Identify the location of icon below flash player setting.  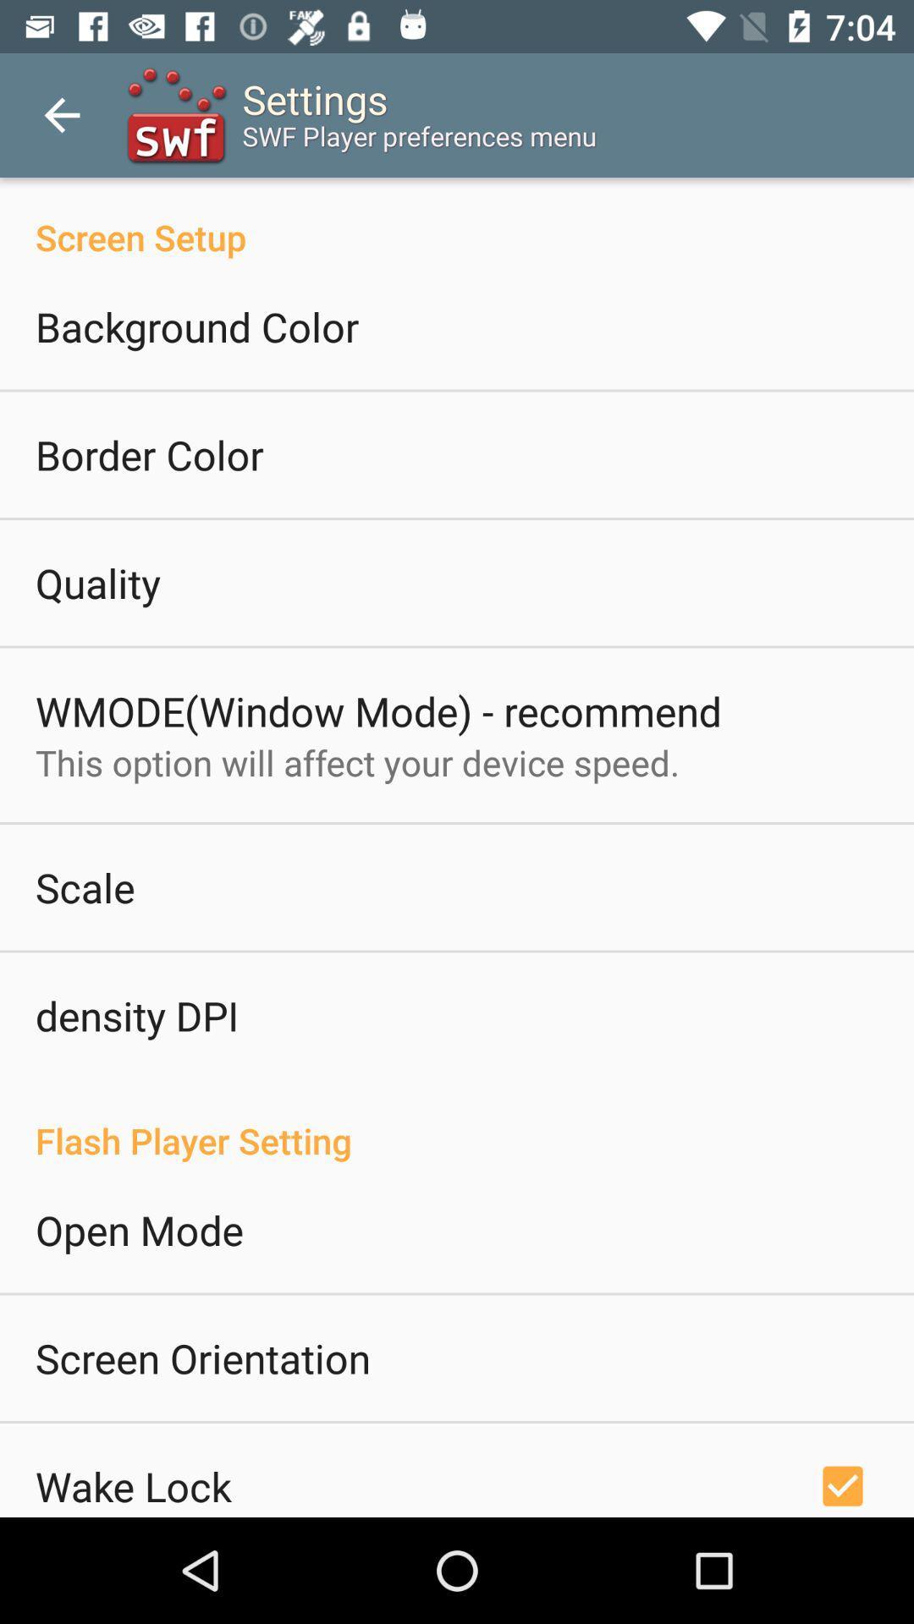
(139, 1230).